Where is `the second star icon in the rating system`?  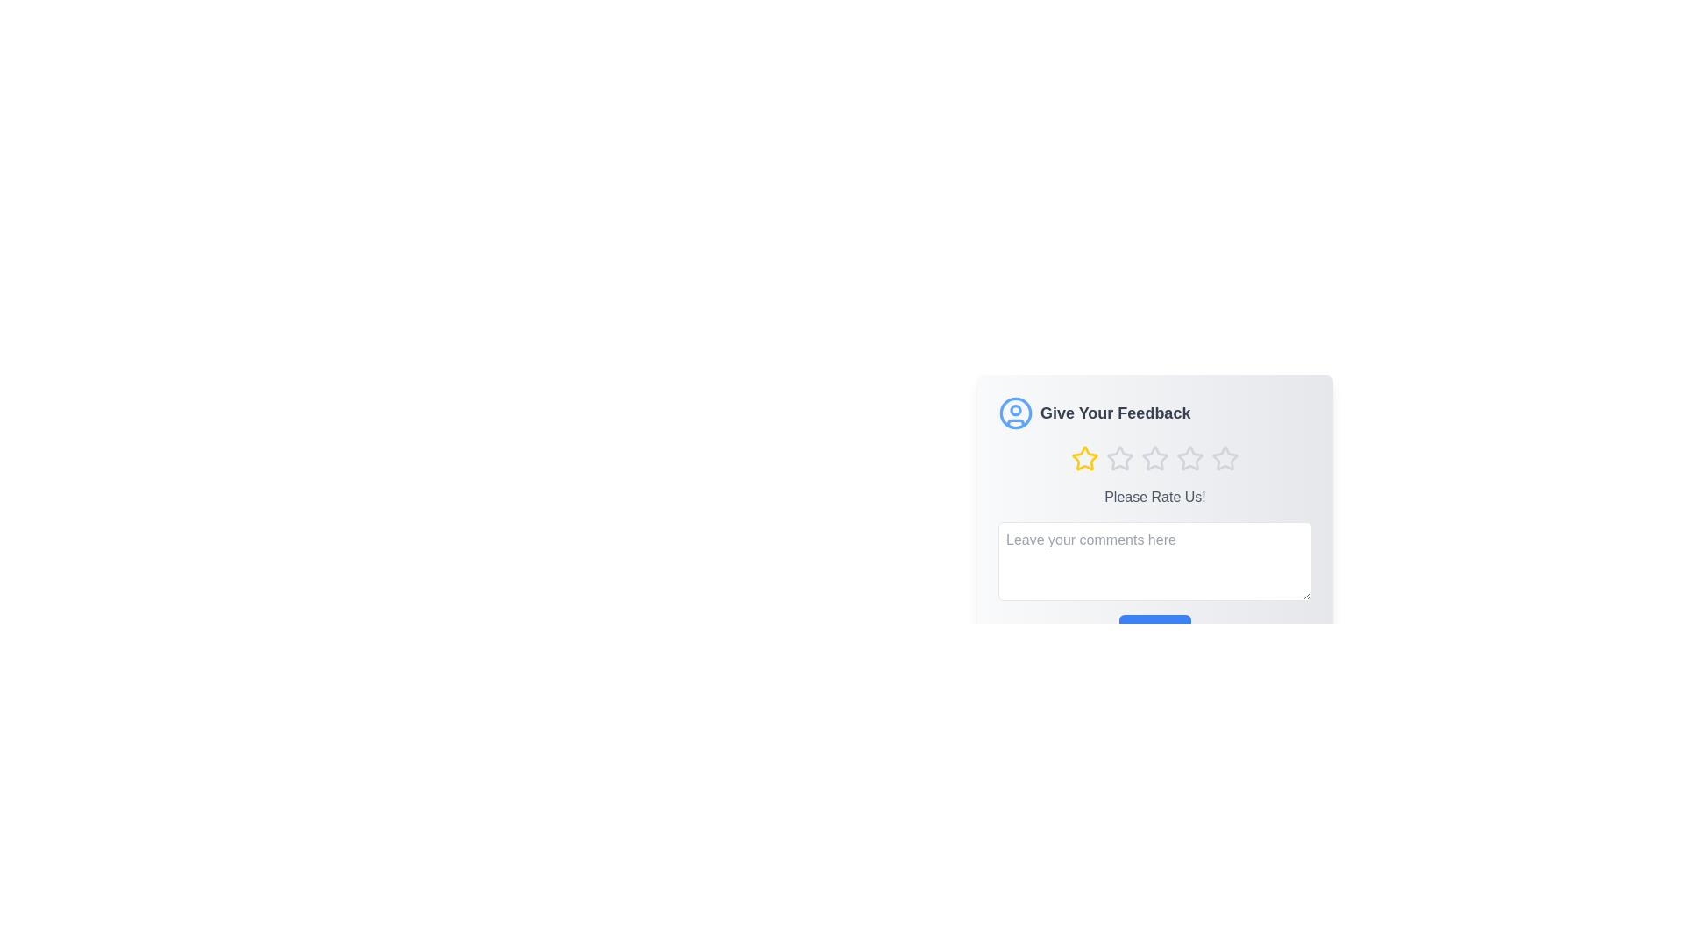
the second star icon in the rating system is located at coordinates (1154, 457).